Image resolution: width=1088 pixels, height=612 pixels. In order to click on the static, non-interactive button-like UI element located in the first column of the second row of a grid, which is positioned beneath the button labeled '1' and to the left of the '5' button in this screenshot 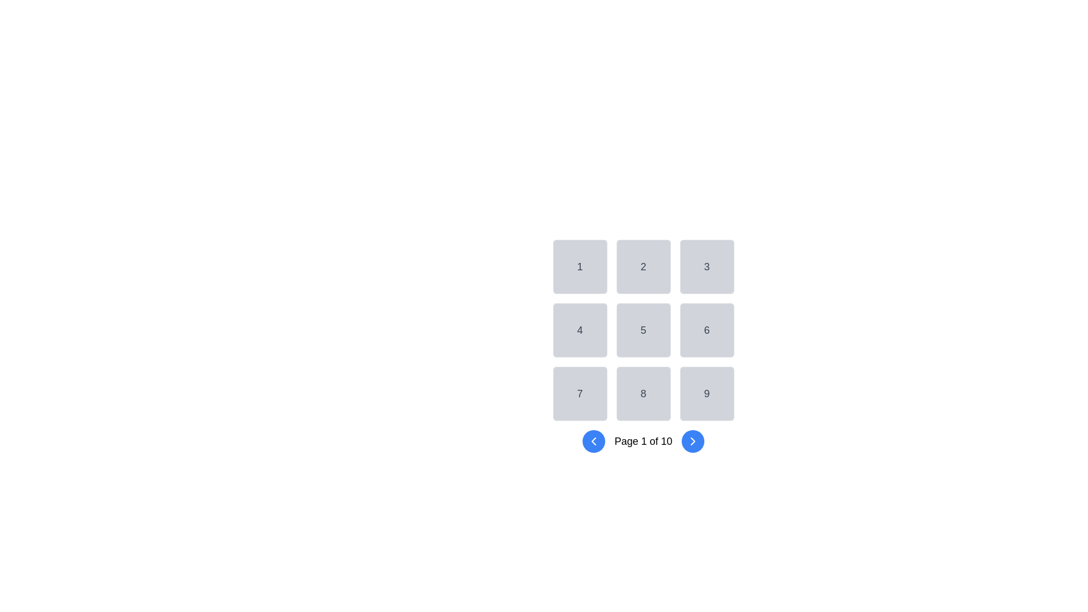, I will do `click(580, 330)`.